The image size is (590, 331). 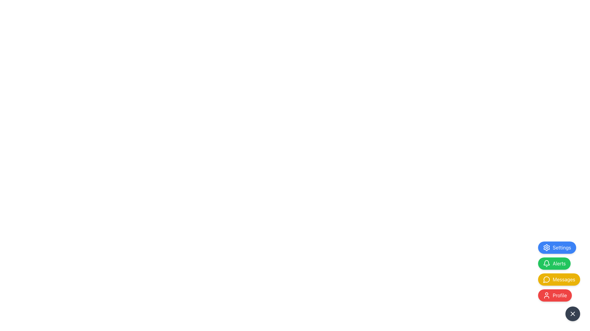 What do you see at coordinates (557, 247) in the screenshot?
I see `the rounded blue 'Settings' button with a gear icon for keyboard navigation` at bounding box center [557, 247].